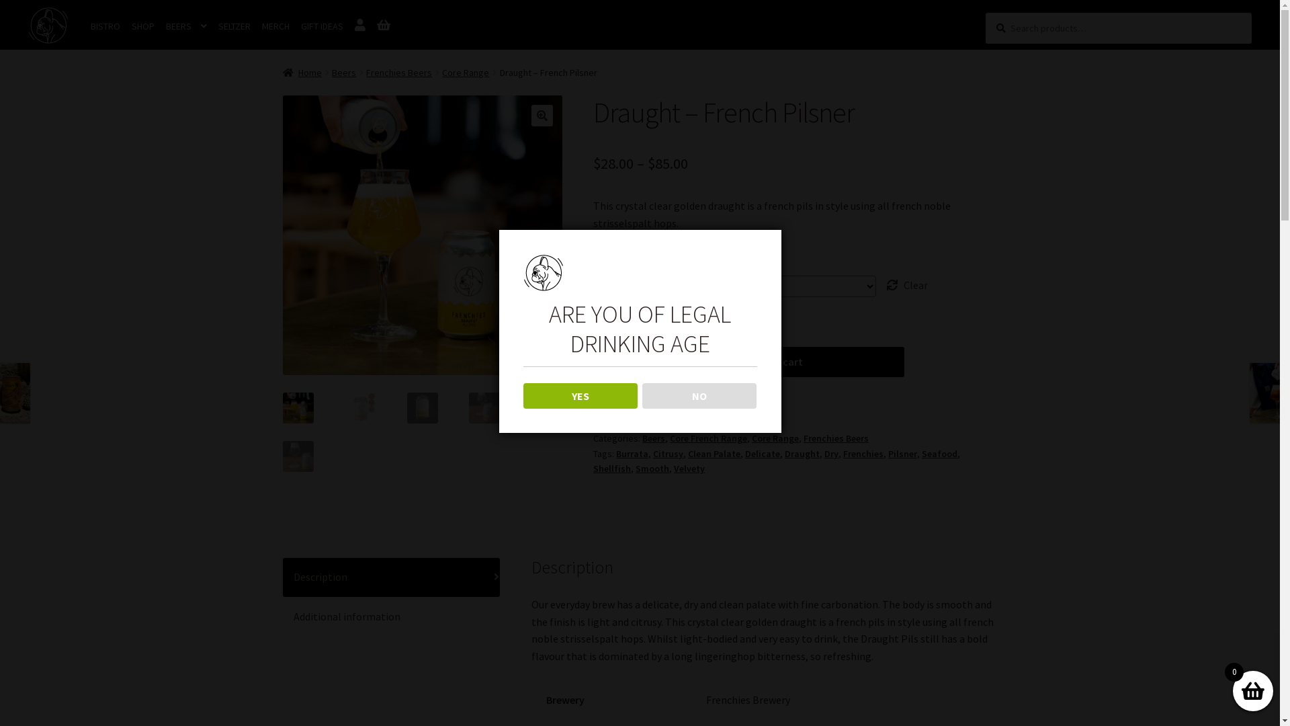 This screenshot has width=1290, height=726. I want to click on 'Delicate', so click(762, 454).